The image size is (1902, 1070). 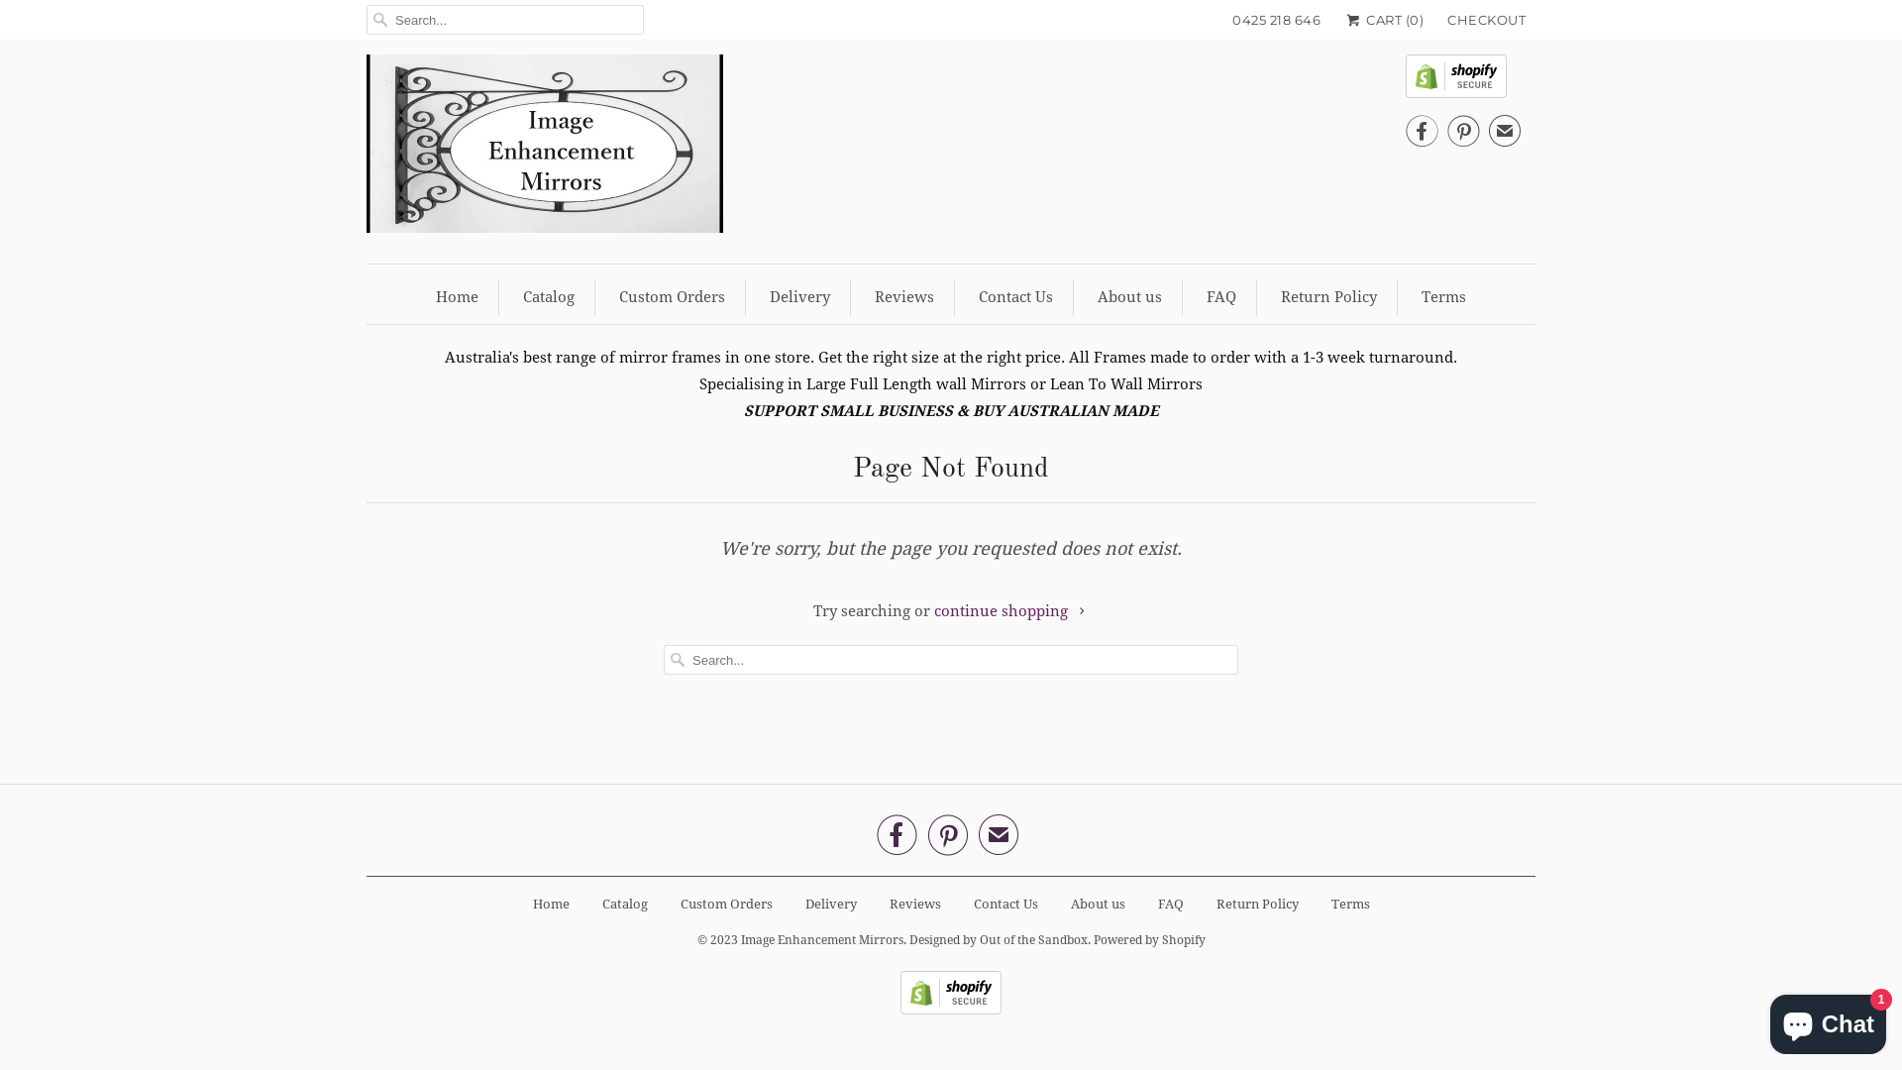 What do you see at coordinates (1149, 933) in the screenshot?
I see `'Powered by Shopify'` at bounding box center [1149, 933].